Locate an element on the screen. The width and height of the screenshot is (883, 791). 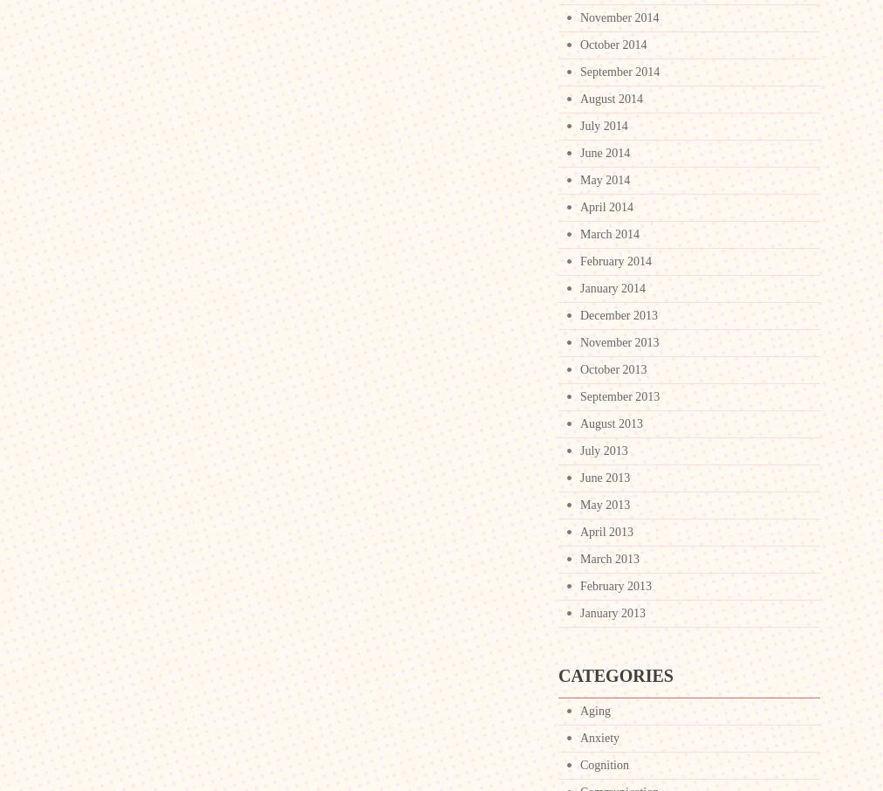
'May 2014' is located at coordinates (605, 179).